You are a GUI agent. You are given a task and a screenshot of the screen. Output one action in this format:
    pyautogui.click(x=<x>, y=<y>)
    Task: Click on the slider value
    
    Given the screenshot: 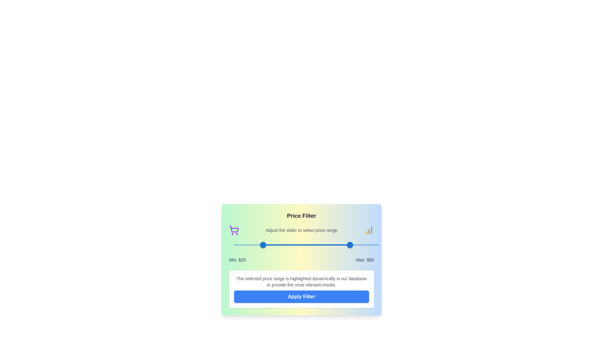 What is the action you would take?
    pyautogui.click(x=352, y=245)
    